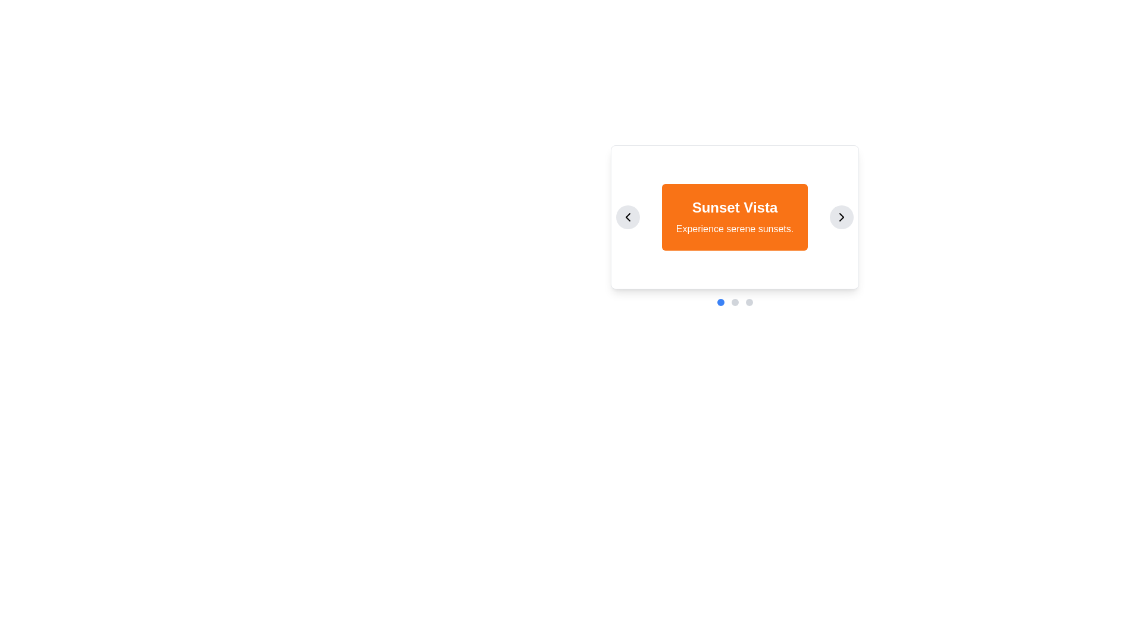 The width and height of the screenshot is (1143, 643). I want to click on one of the circles in the Carousel navigation indicator located below the 'Sunset Vista' text, so click(734, 302).